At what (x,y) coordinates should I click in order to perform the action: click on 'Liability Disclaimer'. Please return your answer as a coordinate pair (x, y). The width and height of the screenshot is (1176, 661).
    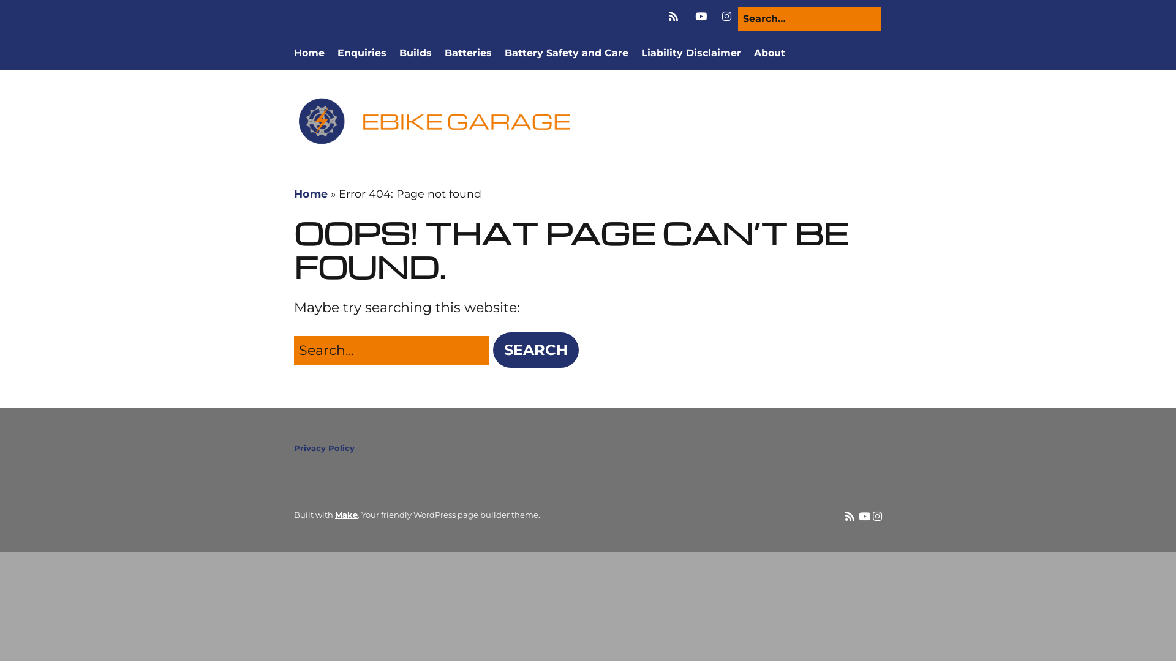
    Looking at the image, I should click on (691, 53).